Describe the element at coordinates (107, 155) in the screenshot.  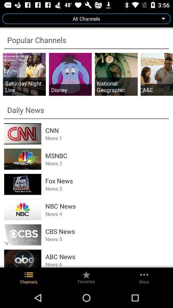
I see `app above the news 2 item` at that location.